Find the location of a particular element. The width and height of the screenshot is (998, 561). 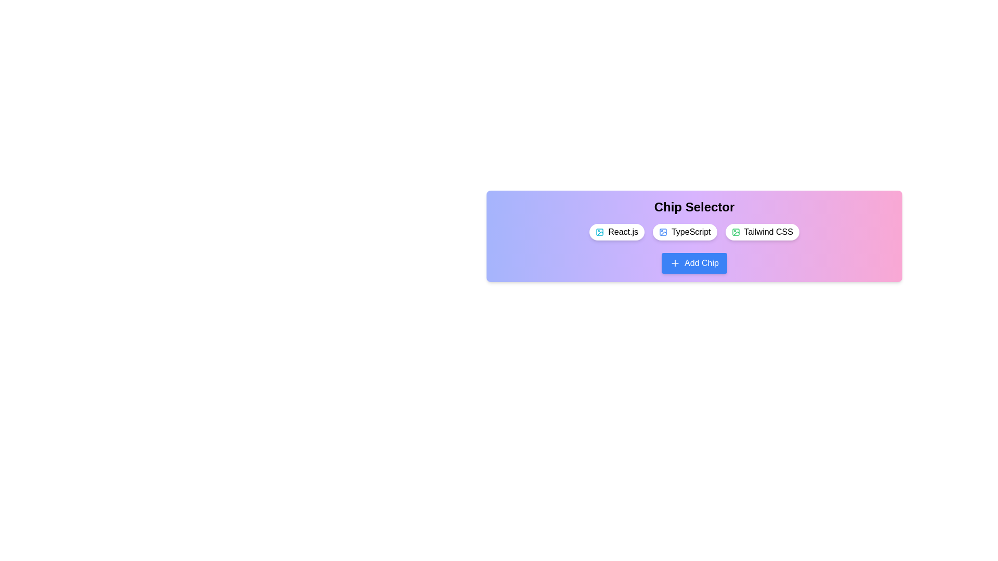

the 'TypeScript' text label within the chip component is located at coordinates (691, 232).